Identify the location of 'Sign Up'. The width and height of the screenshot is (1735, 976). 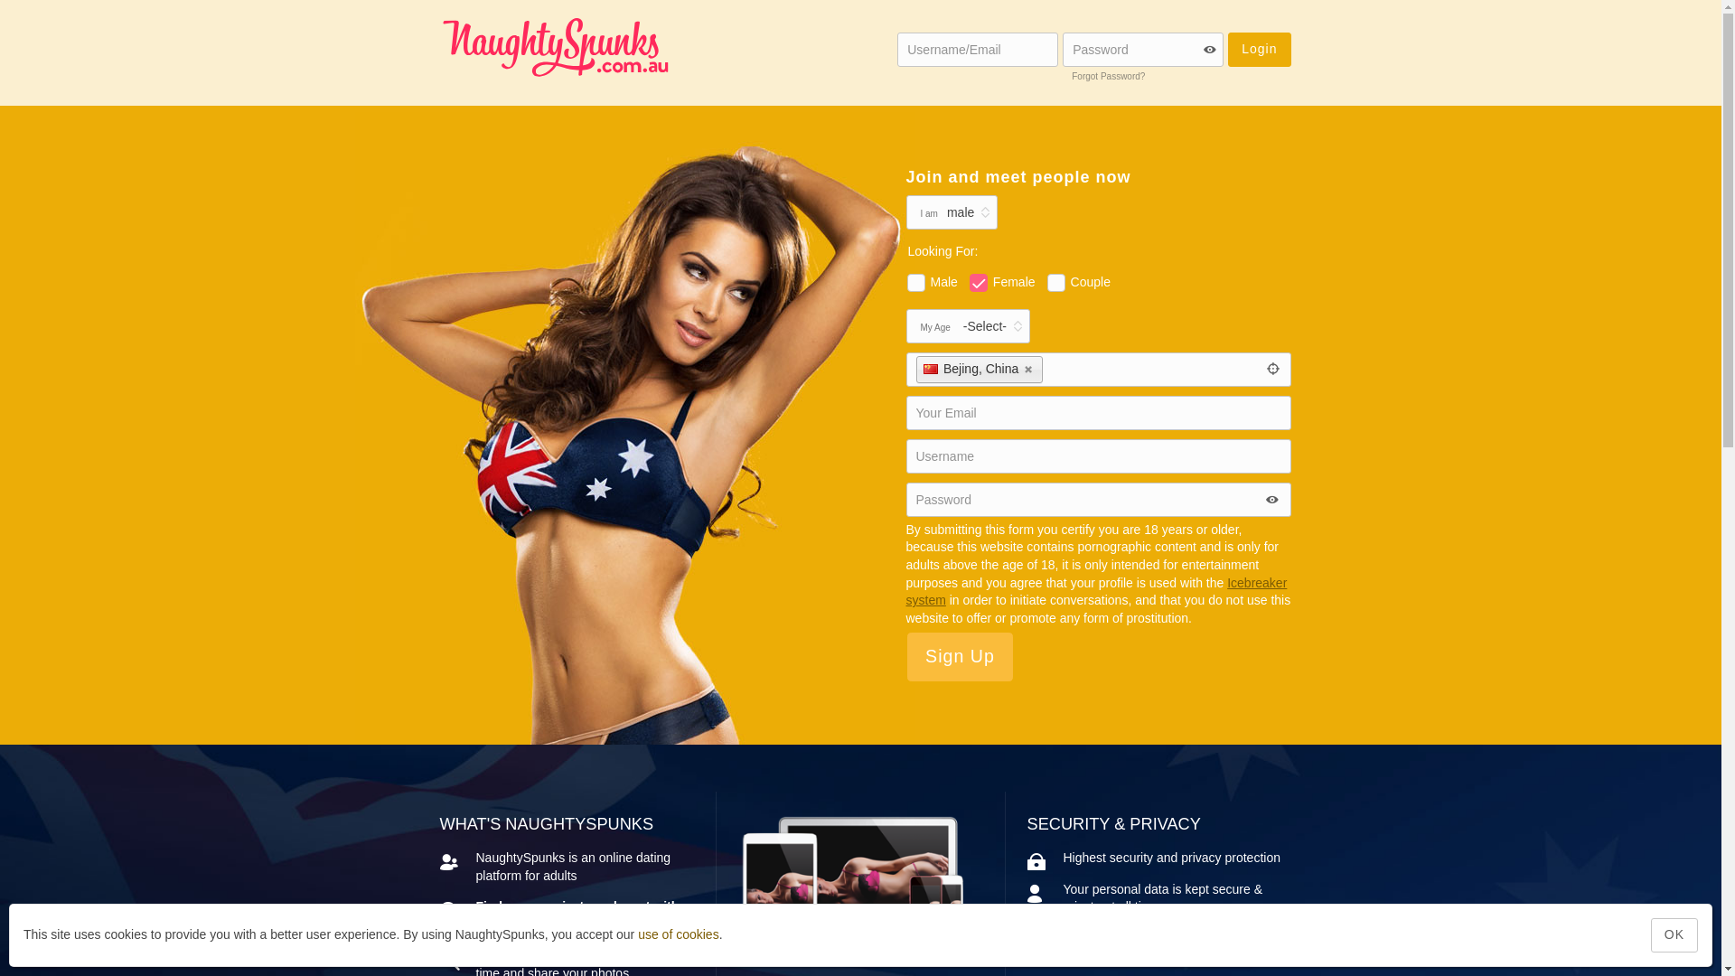
(906, 656).